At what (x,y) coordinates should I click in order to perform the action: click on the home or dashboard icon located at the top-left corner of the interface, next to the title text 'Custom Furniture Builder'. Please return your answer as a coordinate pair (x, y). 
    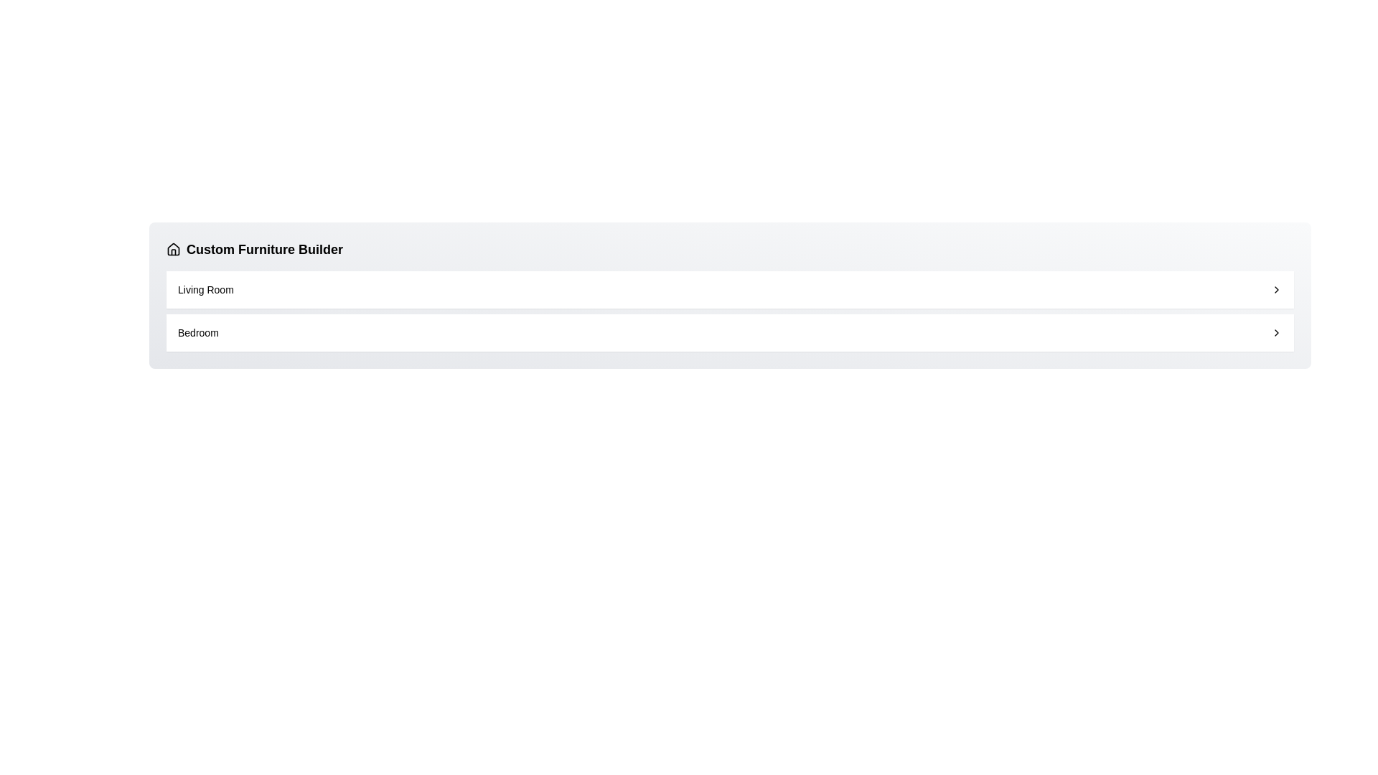
    Looking at the image, I should click on (172, 248).